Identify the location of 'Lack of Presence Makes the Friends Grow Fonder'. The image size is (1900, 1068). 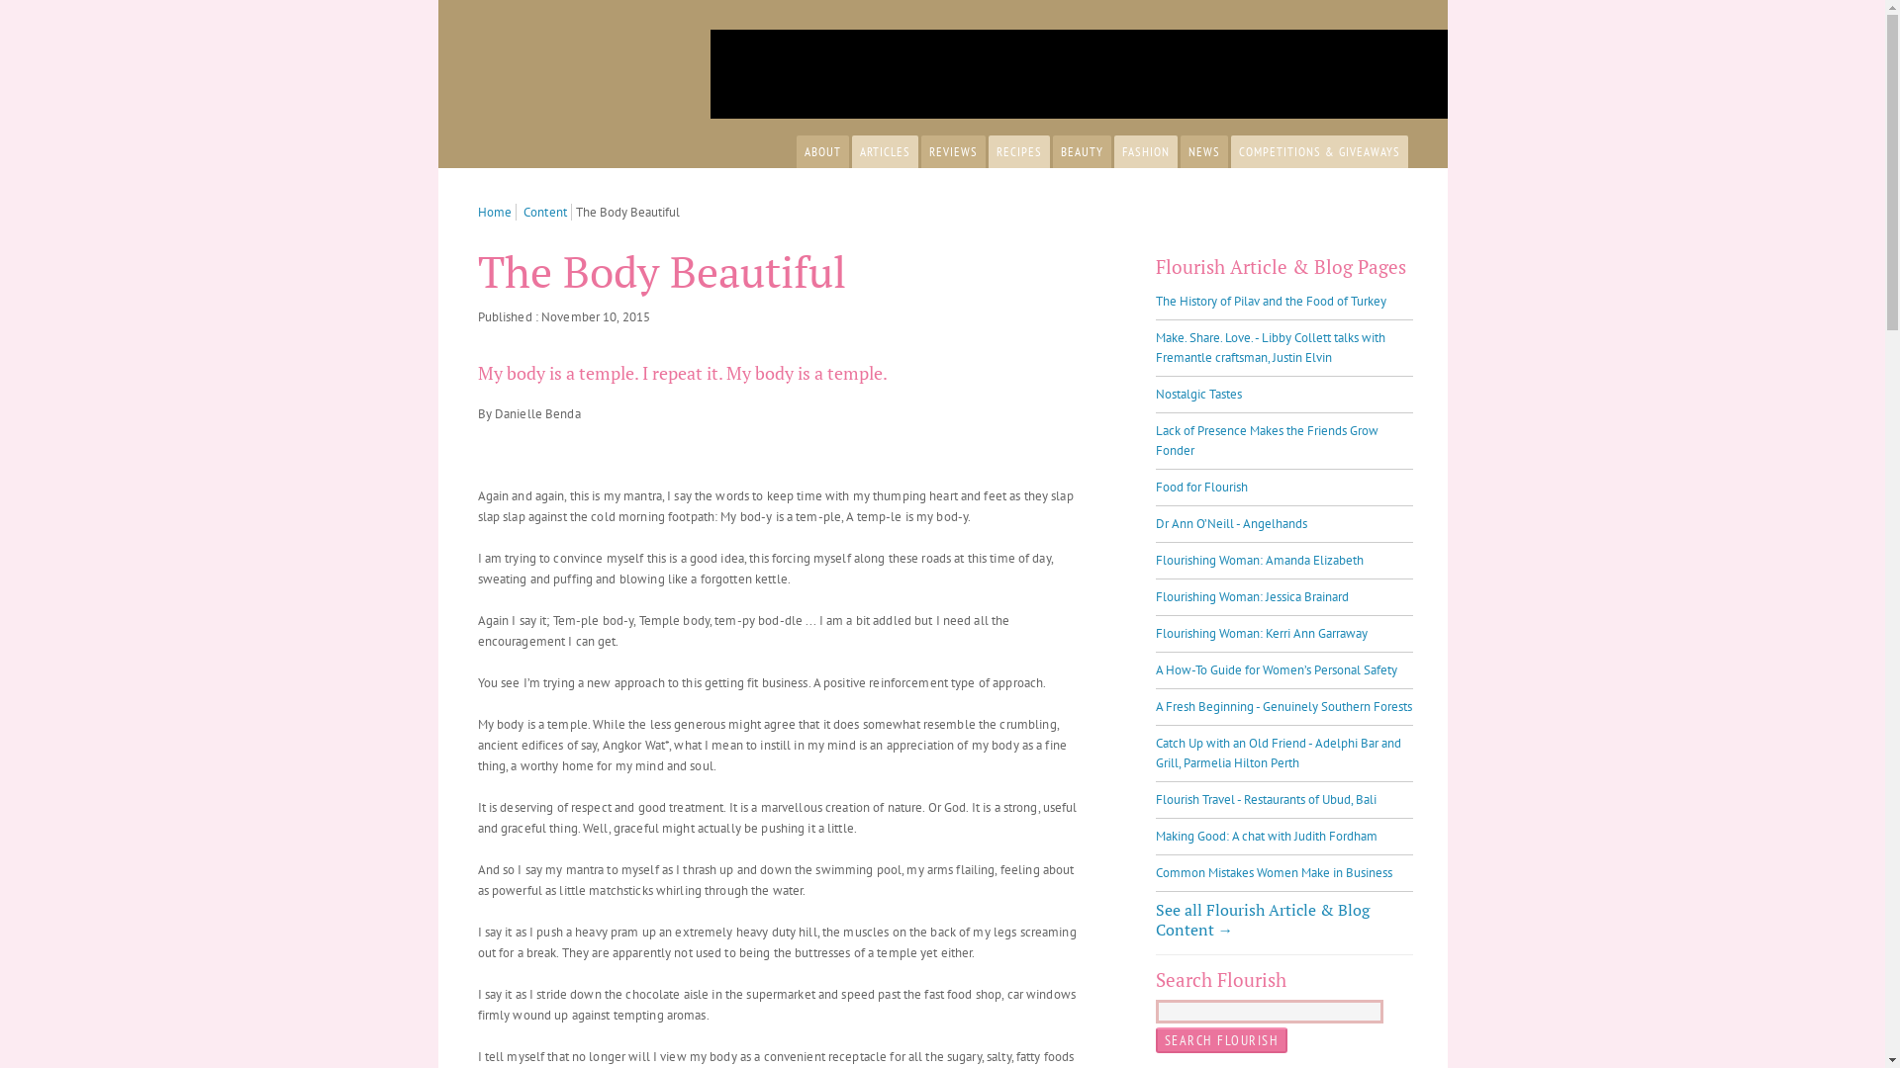
(1155, 439).